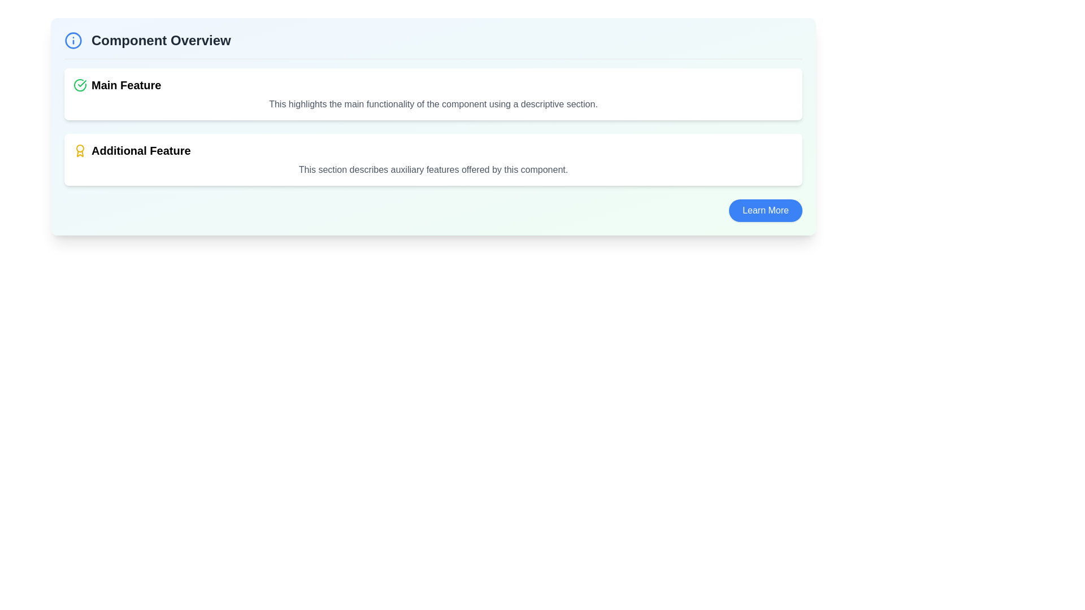 Image resolution: width=1085 pixels, height=610 pixels. Describe the element at coordinates (766, 211) in the screenshot. I see `the blue 'Learn More' button located at the bottom-right corner of the 'Additional Feature' section` at that location.